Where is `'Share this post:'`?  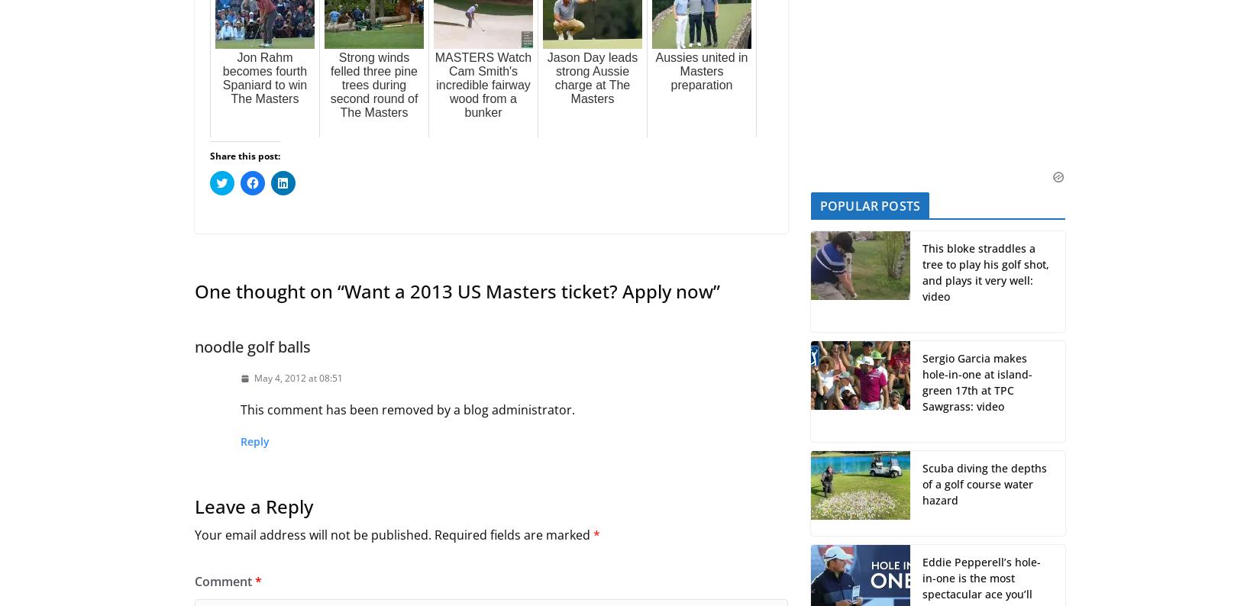
'Share this post:' is located at coordinates (244, 155).